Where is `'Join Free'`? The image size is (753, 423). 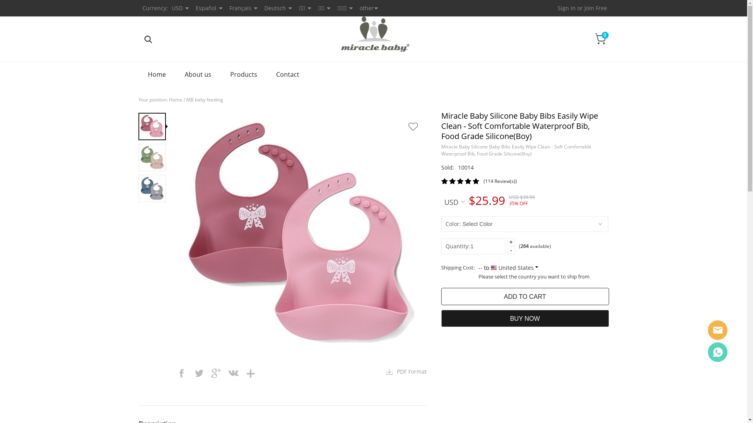
'Join Free' is located at coordinates (595, 8).